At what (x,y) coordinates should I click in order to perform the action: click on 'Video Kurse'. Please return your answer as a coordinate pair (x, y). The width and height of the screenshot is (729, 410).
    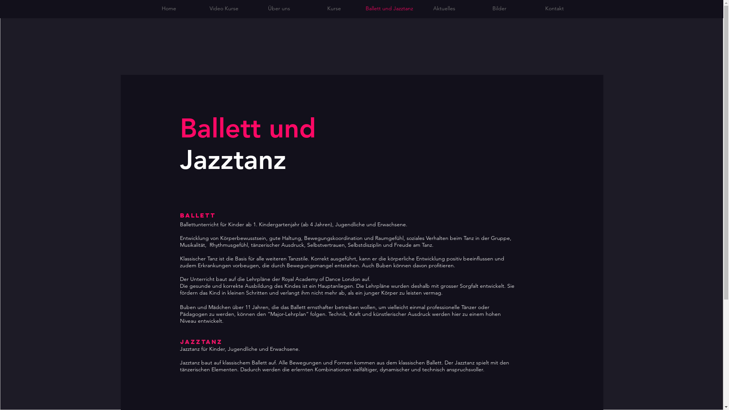
    Looking at the image, I should click on (224, 8).